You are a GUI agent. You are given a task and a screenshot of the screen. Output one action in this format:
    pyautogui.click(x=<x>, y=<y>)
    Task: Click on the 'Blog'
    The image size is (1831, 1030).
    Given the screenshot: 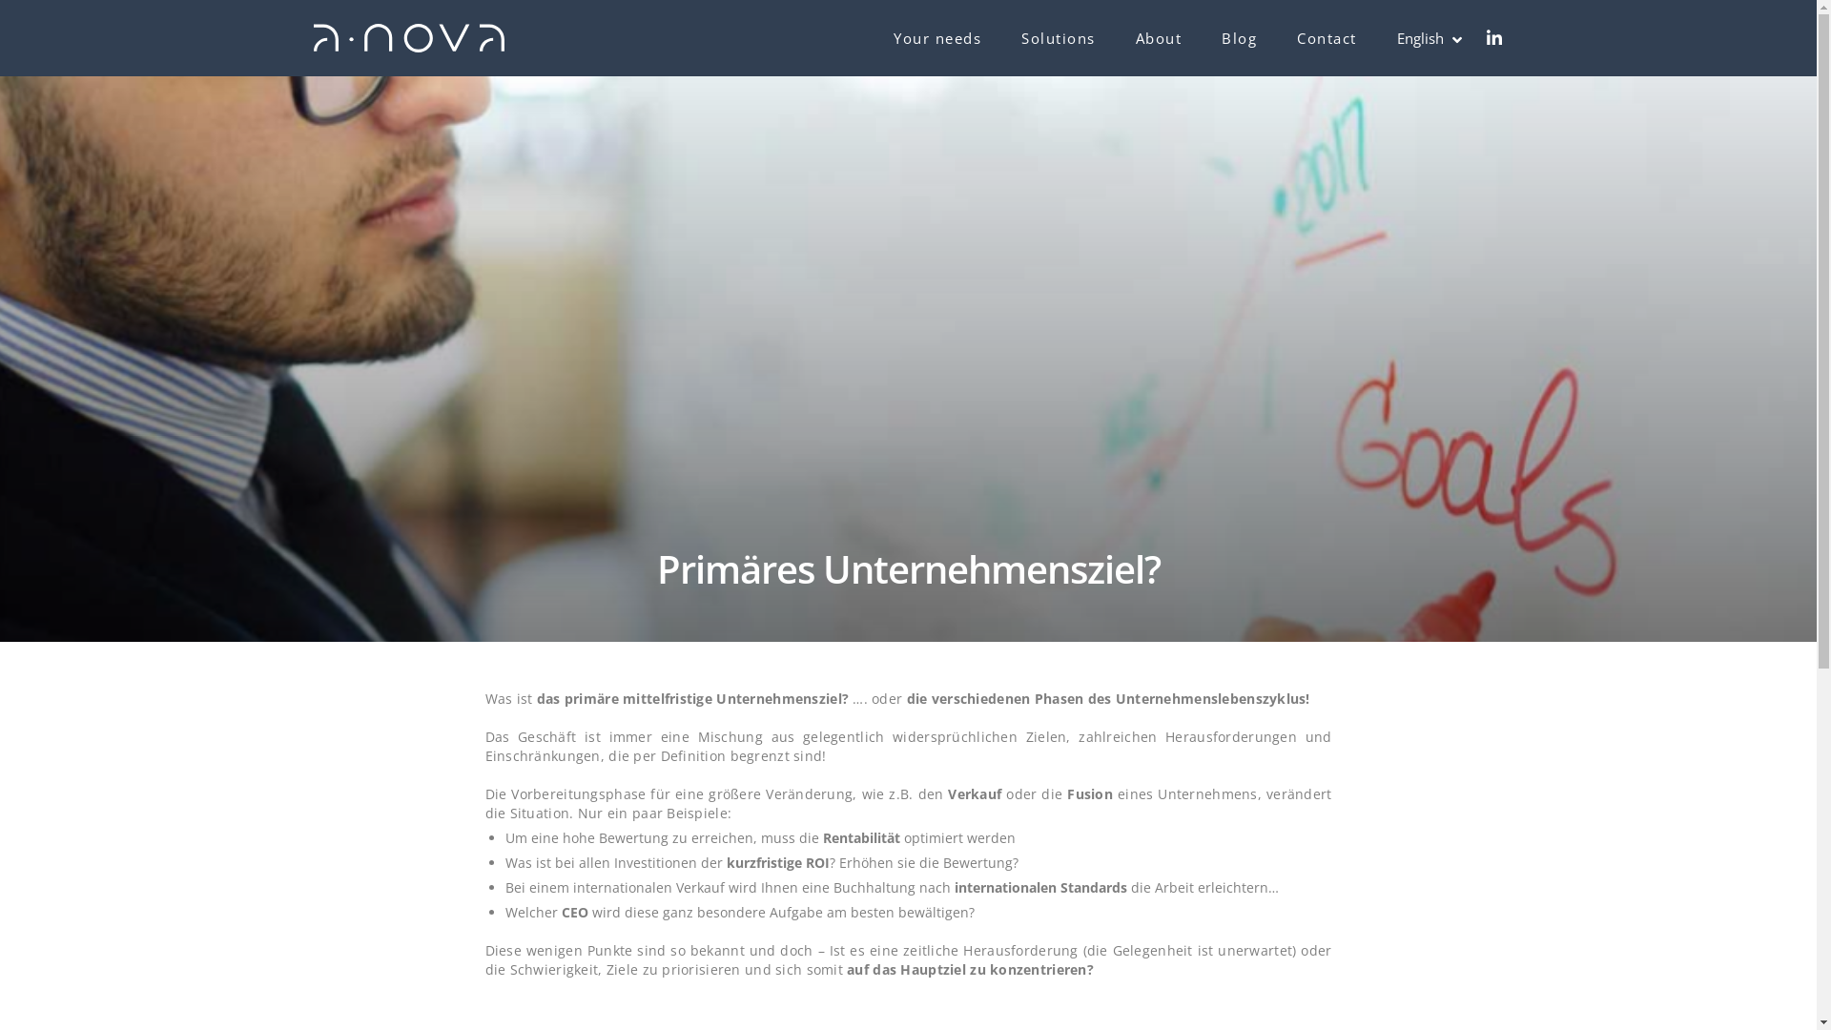 What is the action you would take?
    pyautogui.click(x=1239, y=37)
    